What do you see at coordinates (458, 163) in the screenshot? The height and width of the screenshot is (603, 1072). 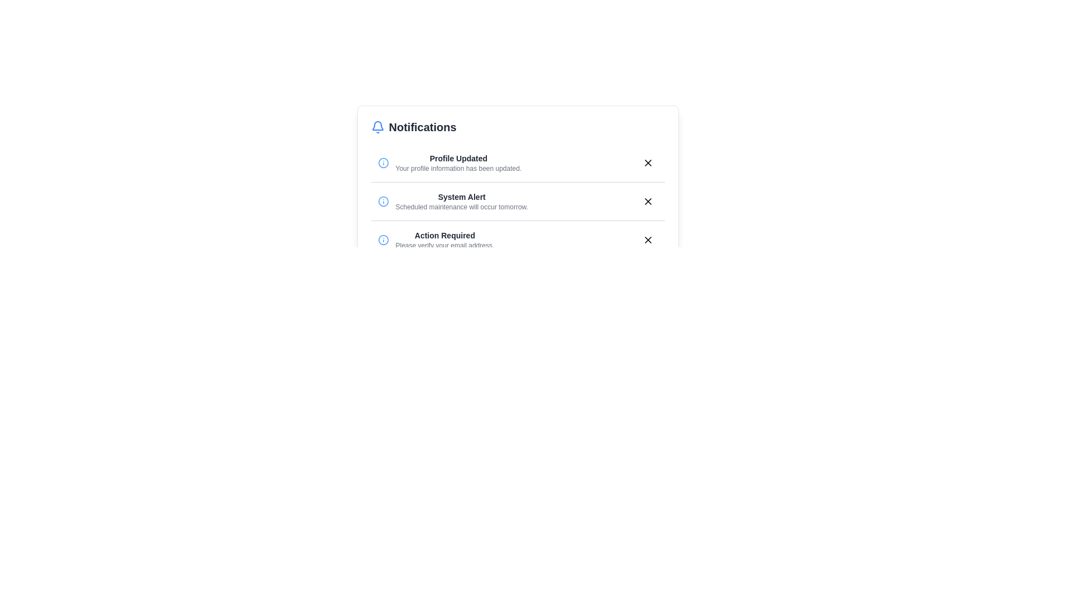 I see `informational text block indicating that the profile update has been successful, located at the top of the notification pane` at bounding box center [458, 163].